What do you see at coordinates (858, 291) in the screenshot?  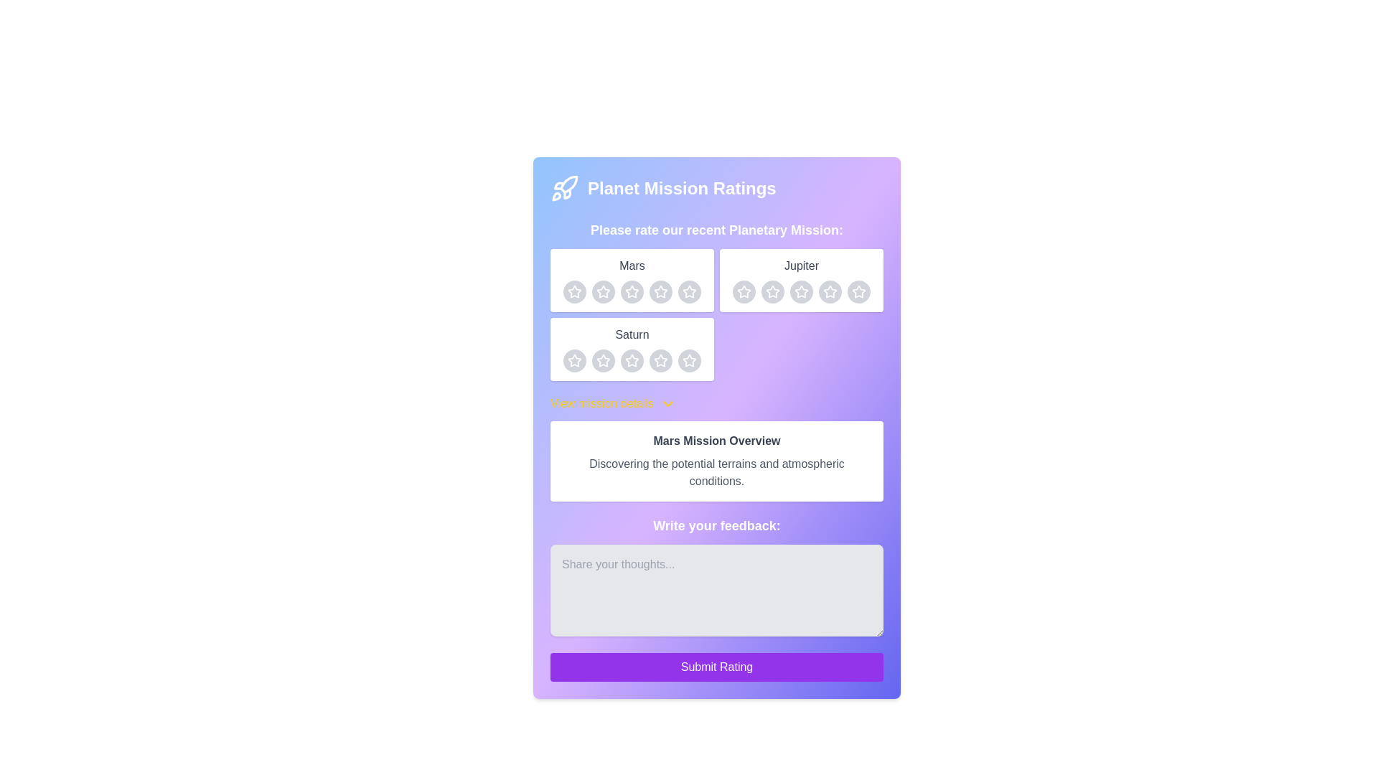 I see `the fifth star-shaped rating icon in the Jupiter rating section, which has a thin outline and a minimalistic design` at bounding box center [858, 291].